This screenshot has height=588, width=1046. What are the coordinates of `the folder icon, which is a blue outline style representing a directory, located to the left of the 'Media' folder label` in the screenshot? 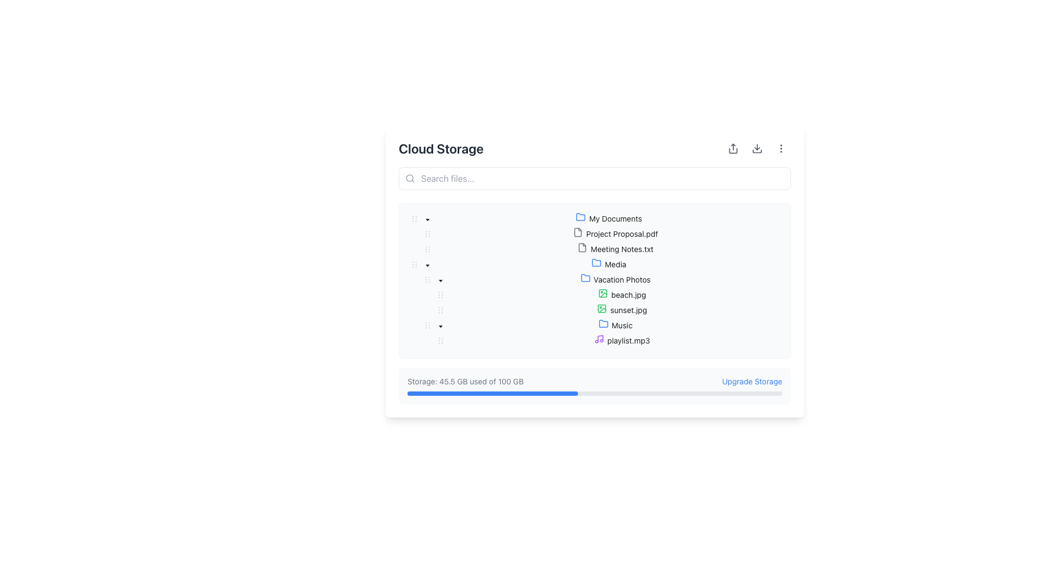 It's located at (596, 262).